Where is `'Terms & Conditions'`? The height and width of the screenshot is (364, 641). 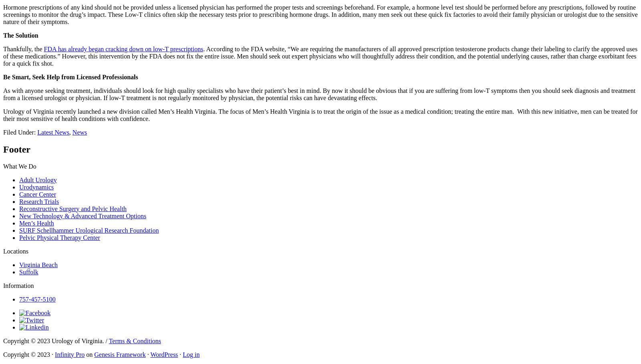 'Terms & Conditions' is located at coordinates (135, 340).